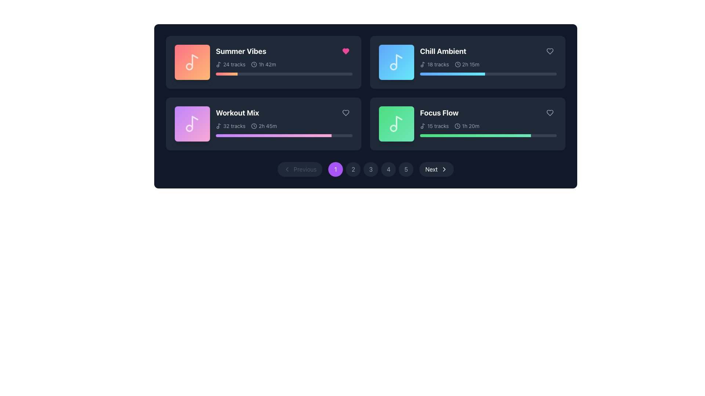  What do you see at coordinates (406, 169) in the screenshot?
I see `the circular button labeled '5' with a dark gray background` at bounding box center [406, 169].